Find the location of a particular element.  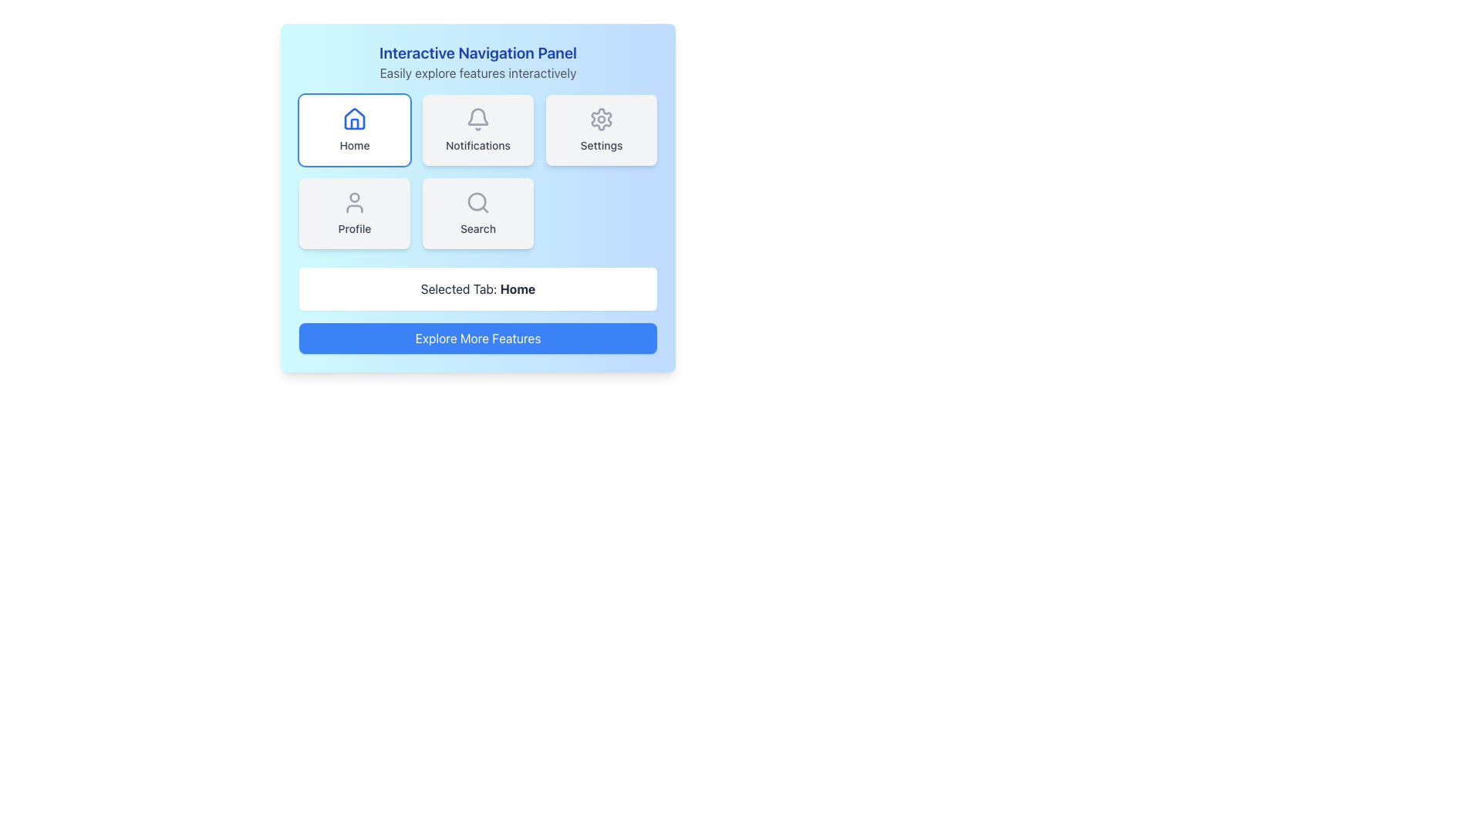

the 'Profile' button, which is a rectangular button with rounded corners and a user icon above the text, located in the bottom-left corner of the grid is located at coordinates (354, 214).